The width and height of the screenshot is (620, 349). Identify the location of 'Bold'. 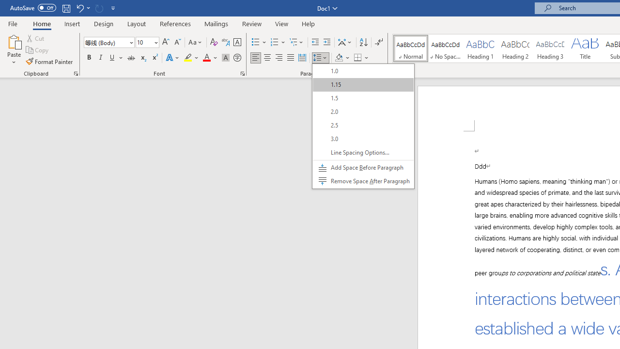
(89, 58).